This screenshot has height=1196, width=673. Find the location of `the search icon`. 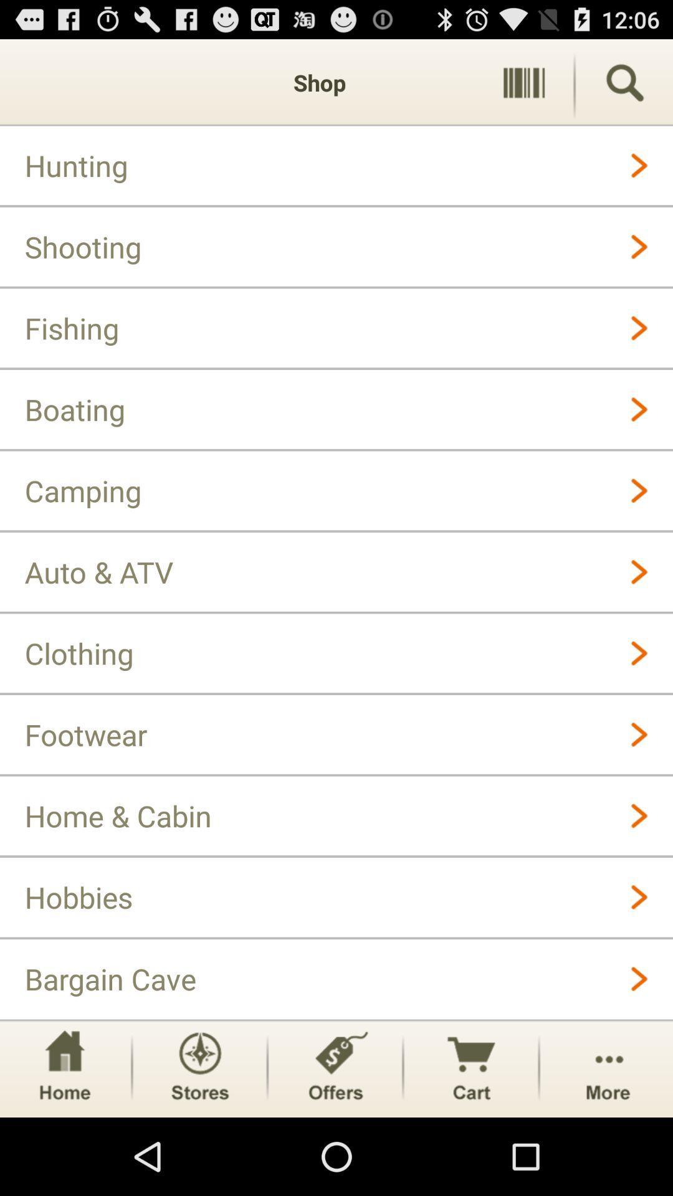

the search icon is located at coordinates (624, 88).